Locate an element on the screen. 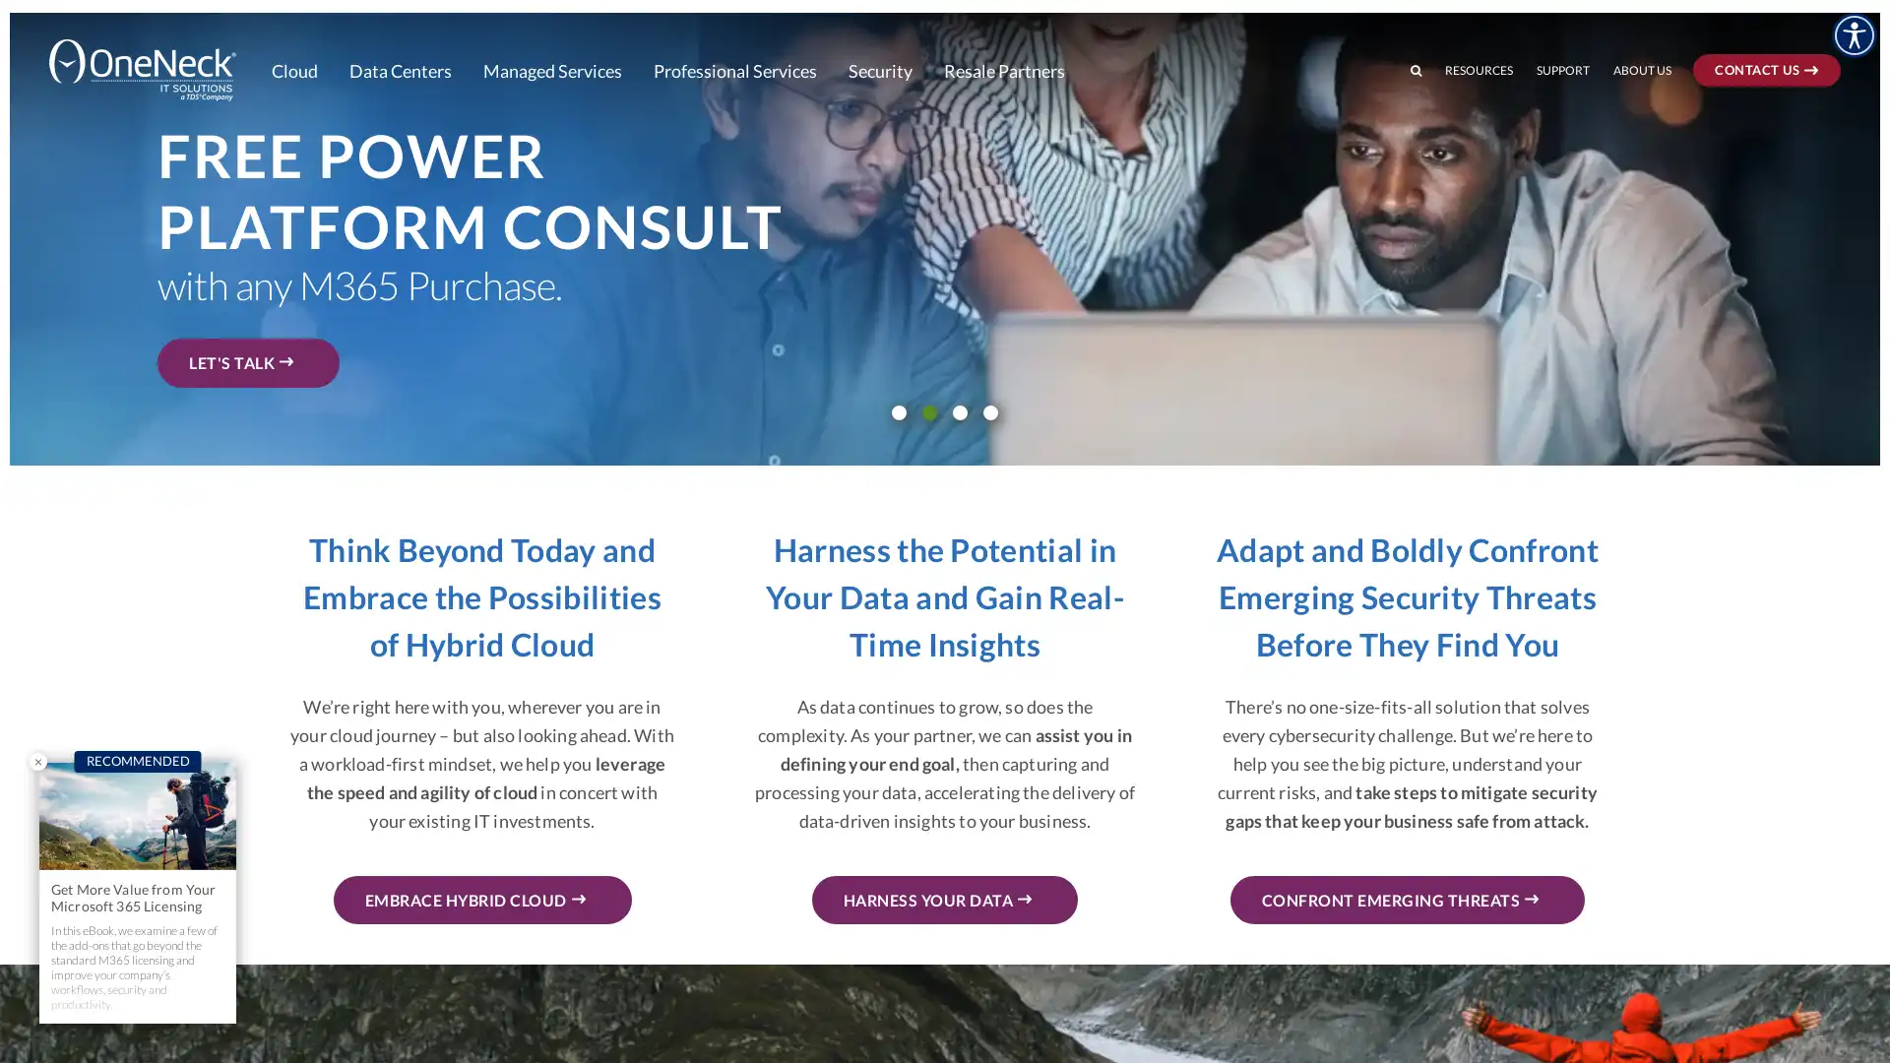 This screenshot has width=1890, height=1063. LEARN MORE ABOUT US is located at coordinates (297, 319).